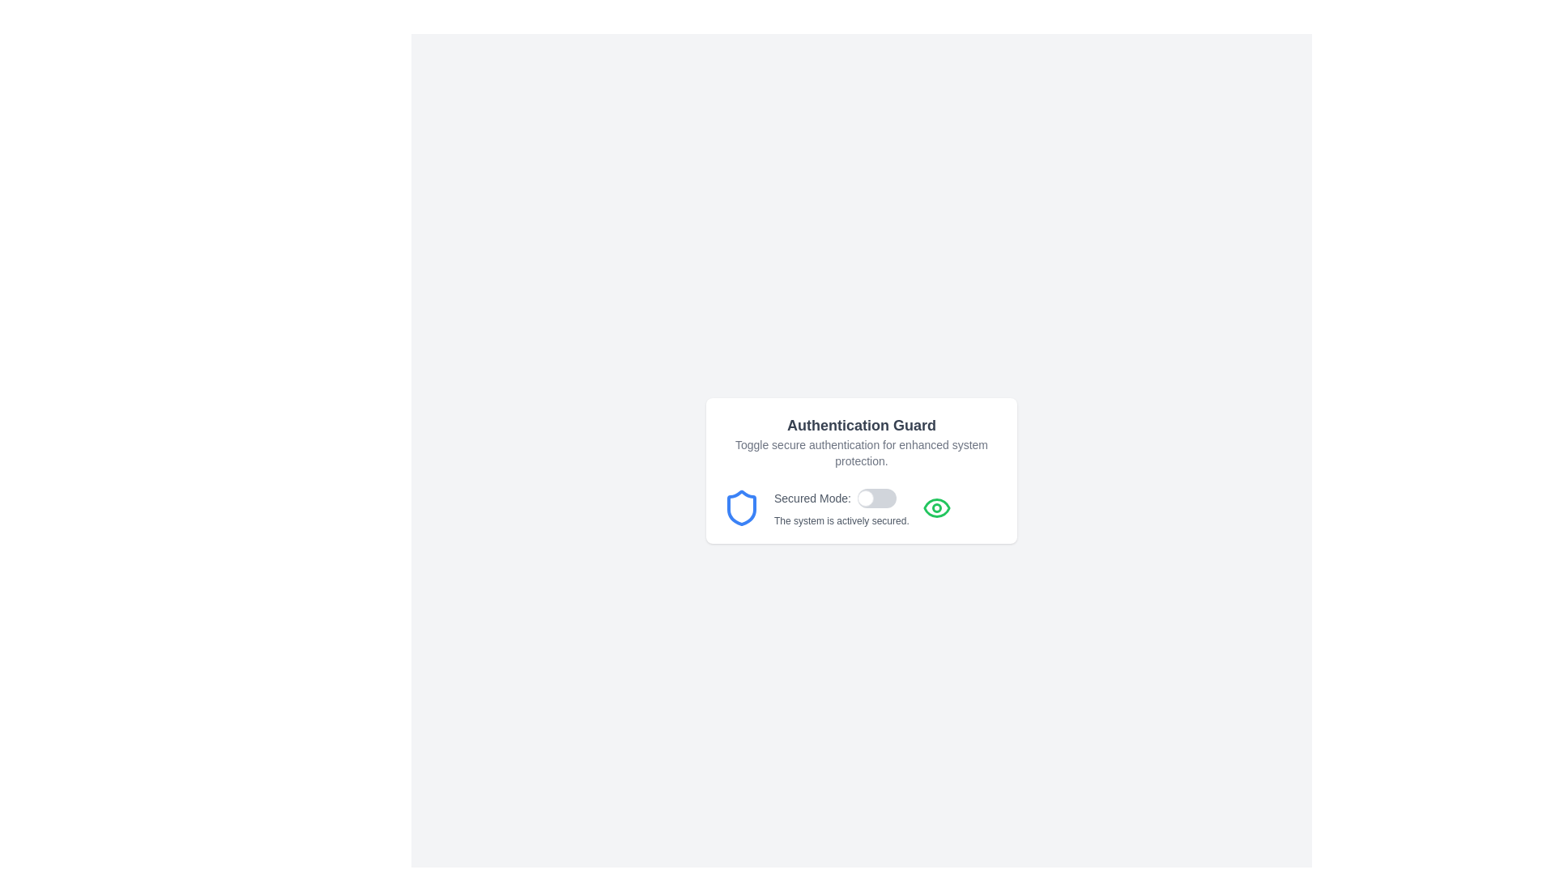  Describe the element at coordinates (936, 507) in the screenshot. I see `the SVG circle element that symbolizes visibility within the eye icon, located to the right of the toggle switch in the 'Secured Mode' interface` at that location.